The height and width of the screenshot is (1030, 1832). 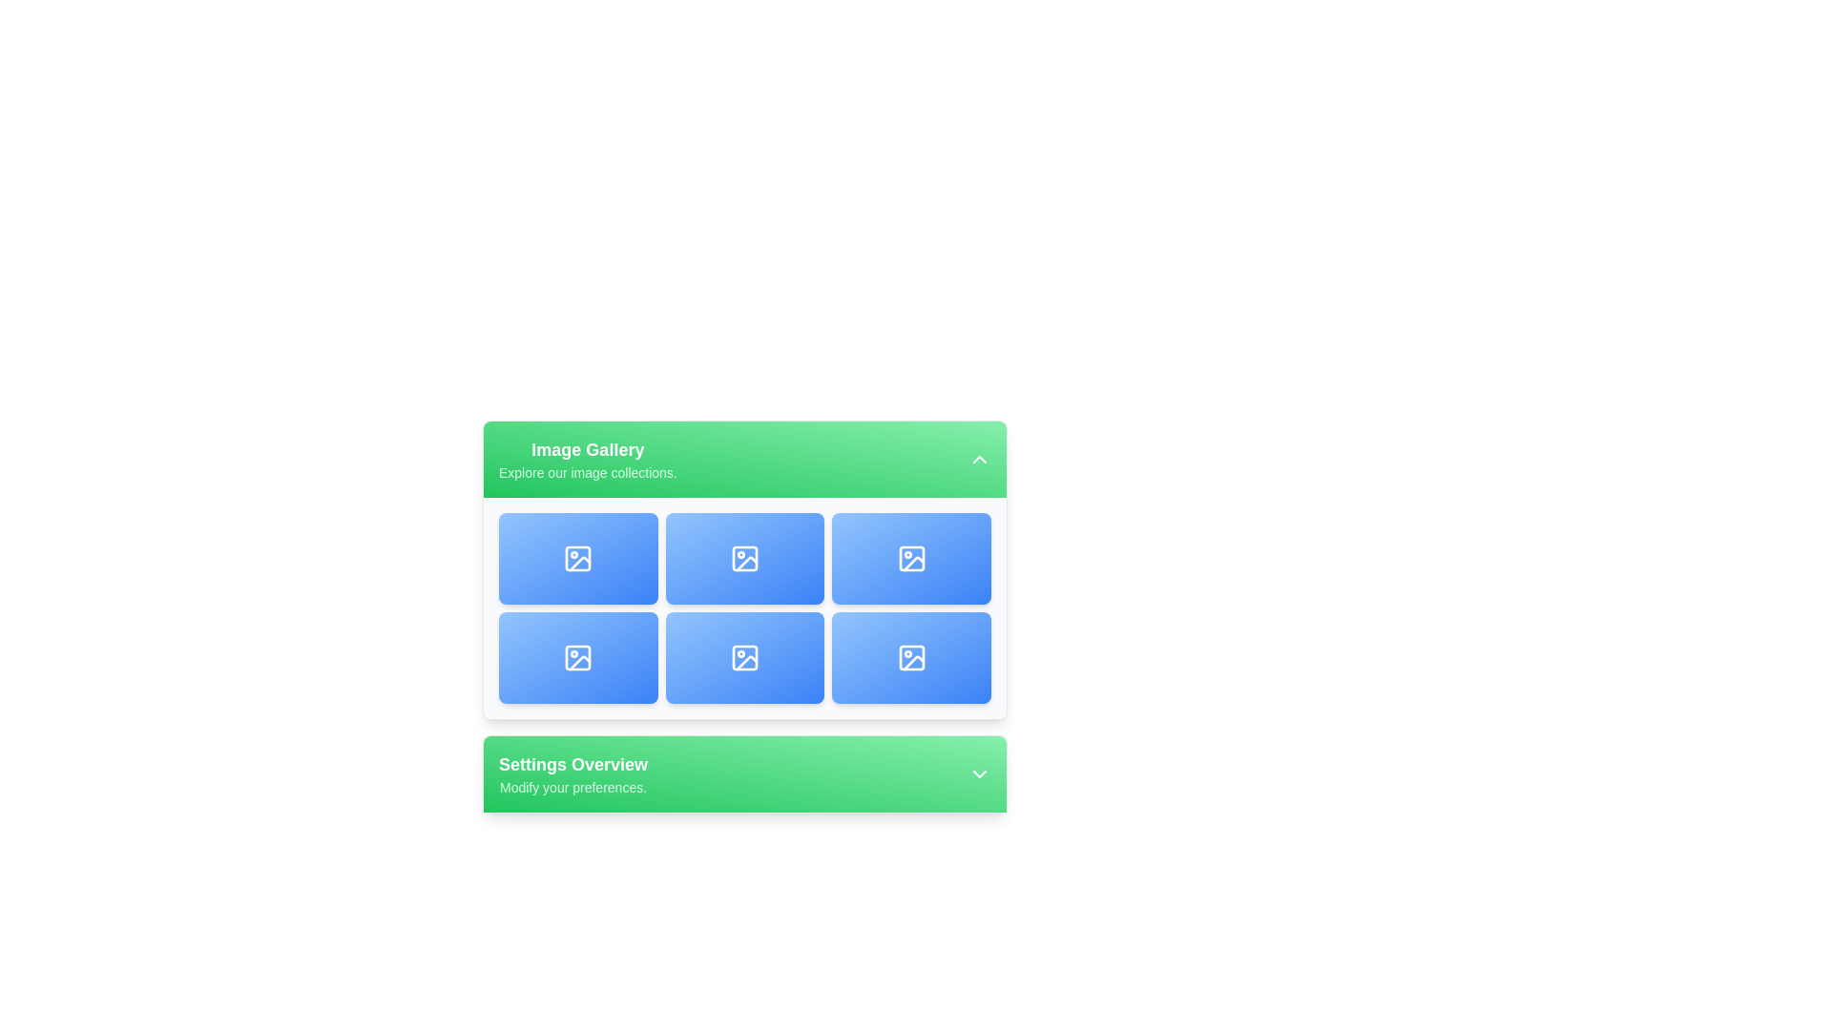 What do you see at coordinates (744, 617) in the screenshot?
I see `a tile within the Grid layout with interactive tiles` at bounding box center [744, 617].